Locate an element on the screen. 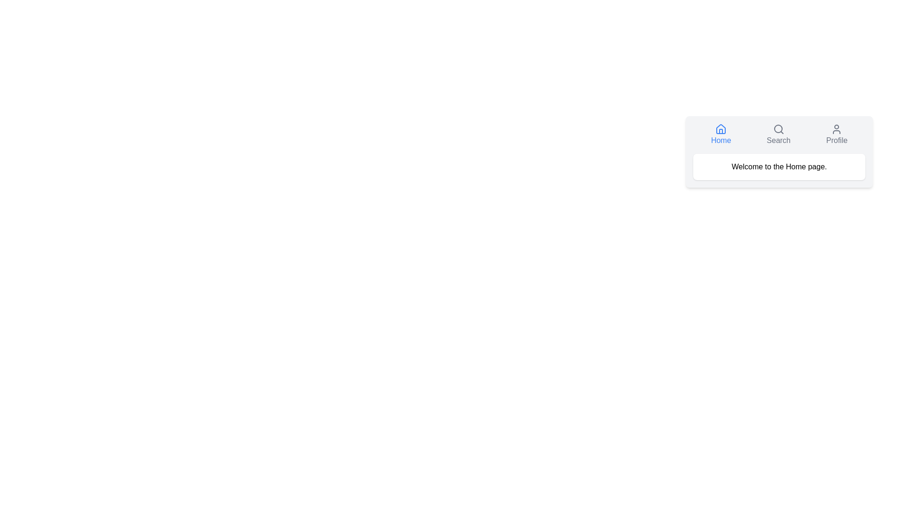  the 'Search' text label, which is displayed in gray color and located directly under the magnifying glass icon in the navigation bar is located at coordinates (778, 141).